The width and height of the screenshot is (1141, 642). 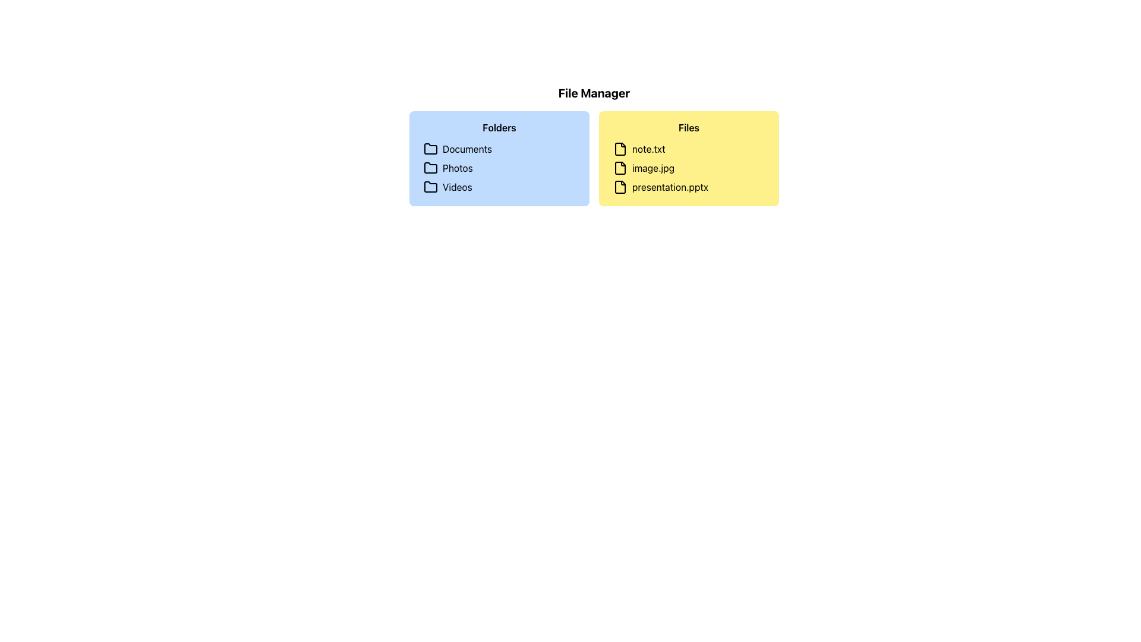 What do you see at coordinates (499, 158) in the screenshot?
I see `the content displayed within the 'Folders' panel, which contains the list items 'Documents', 'Photos', and 'Videos' with folder icons` at bounding box center [499, 158].